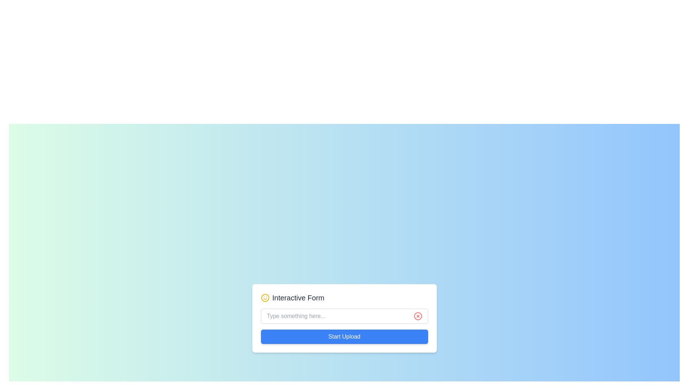  I want to click on the clear button located at the right end of the text input field to reset the input text, so click(418, 316).